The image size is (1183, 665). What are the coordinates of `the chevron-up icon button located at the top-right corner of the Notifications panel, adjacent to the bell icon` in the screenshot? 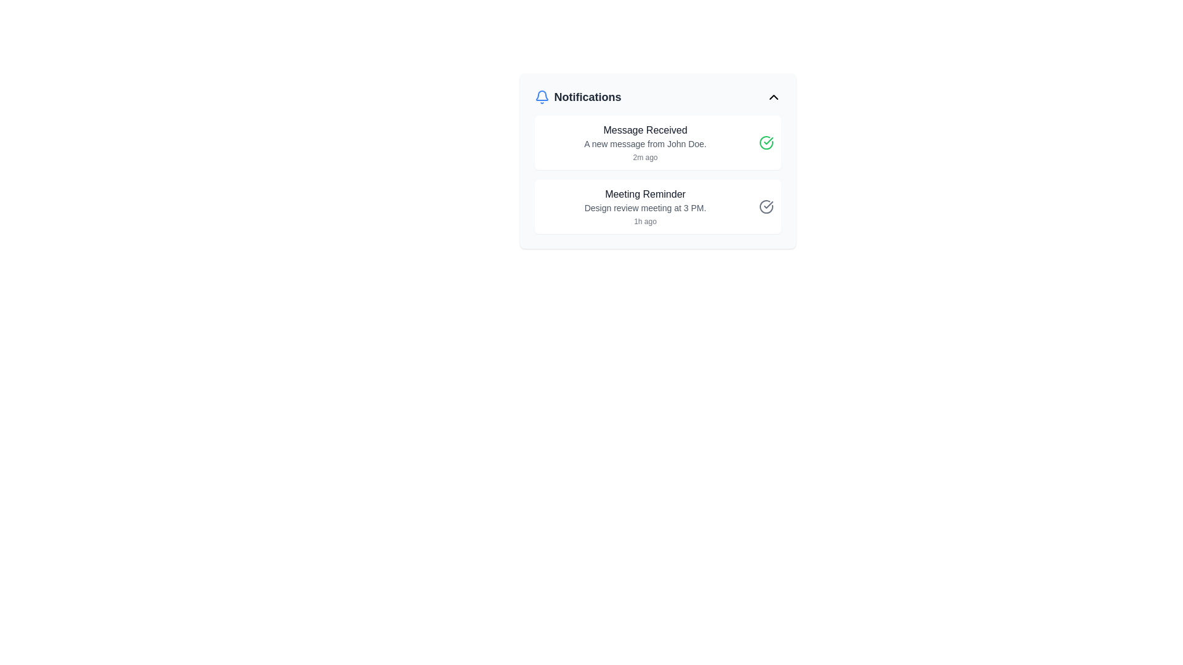 It's located at (773, 97).